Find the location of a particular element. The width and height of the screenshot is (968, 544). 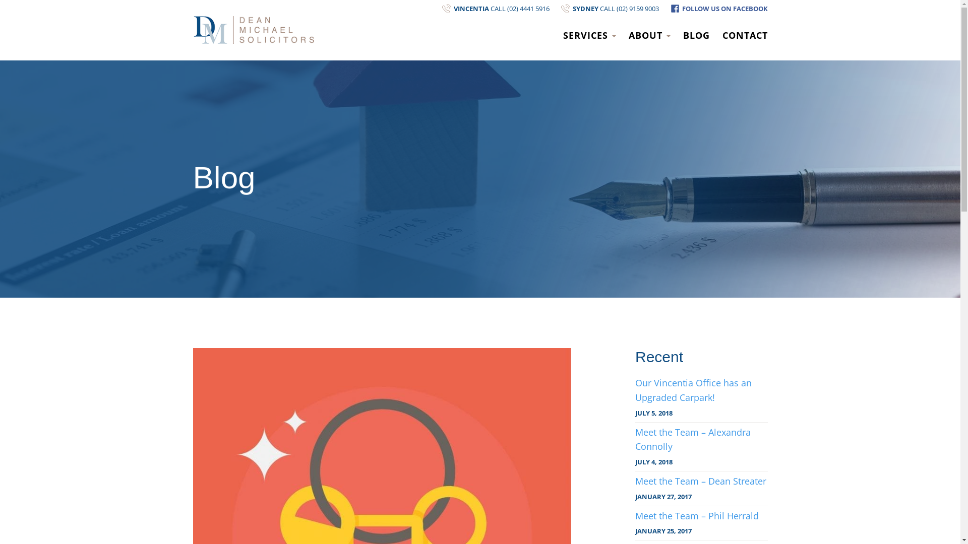

'Our Vincentia Office has an Upgraded Carpark!' is located at coordinates (701, 390).